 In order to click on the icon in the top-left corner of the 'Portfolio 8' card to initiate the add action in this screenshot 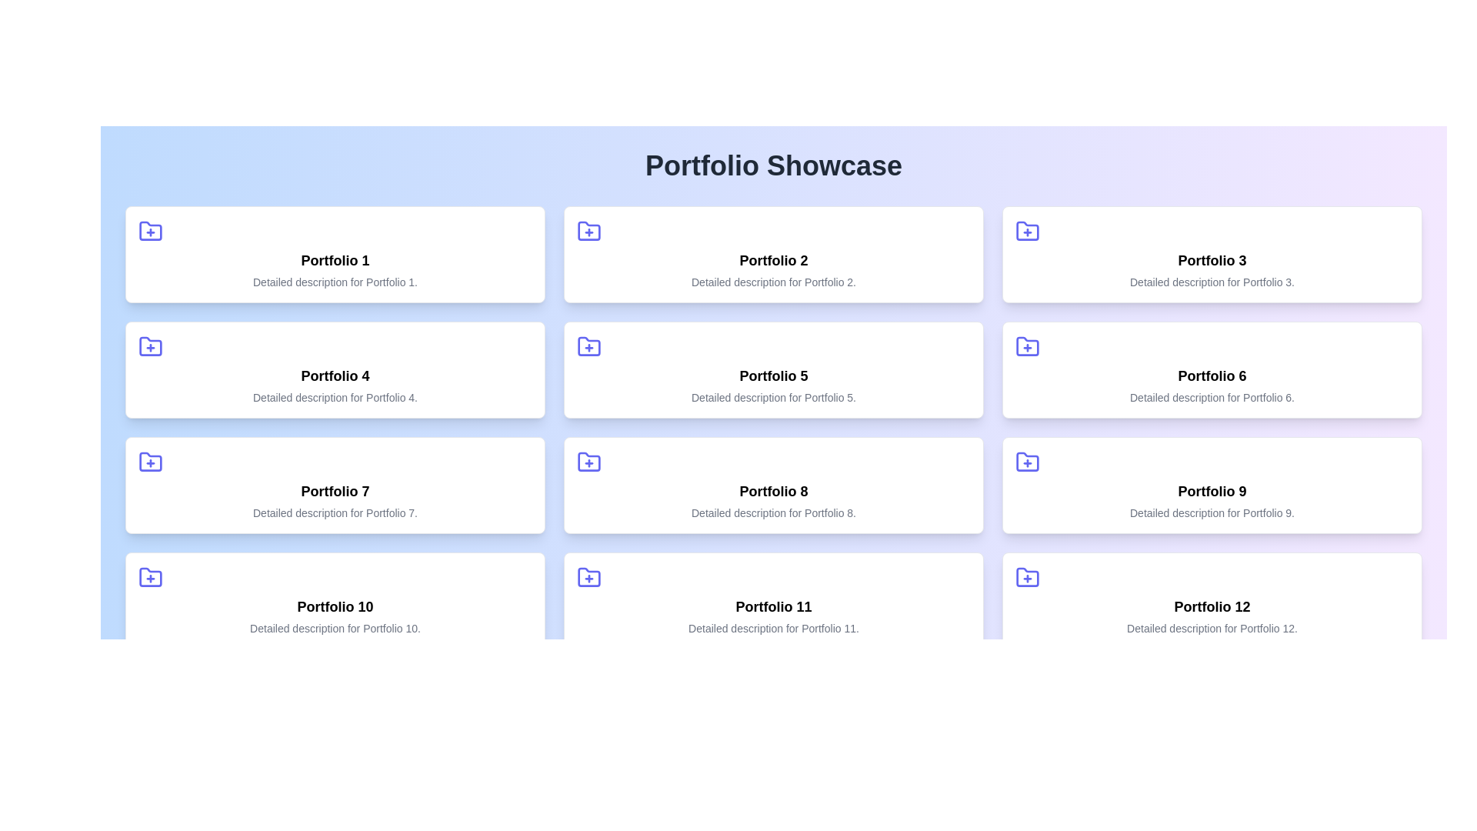, I will do `click(588, 462)`.